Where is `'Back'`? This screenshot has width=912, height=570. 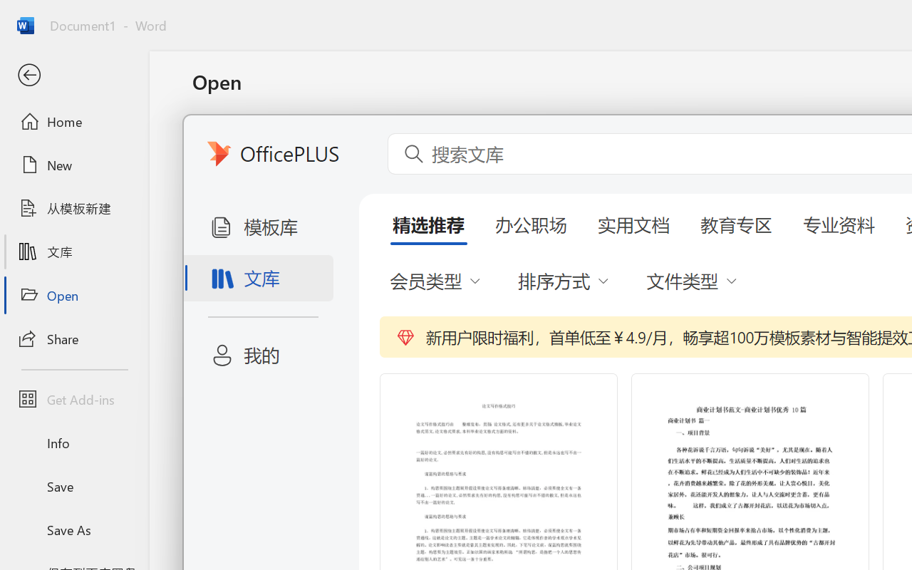 'Back' is located at coordinates (73, 75).